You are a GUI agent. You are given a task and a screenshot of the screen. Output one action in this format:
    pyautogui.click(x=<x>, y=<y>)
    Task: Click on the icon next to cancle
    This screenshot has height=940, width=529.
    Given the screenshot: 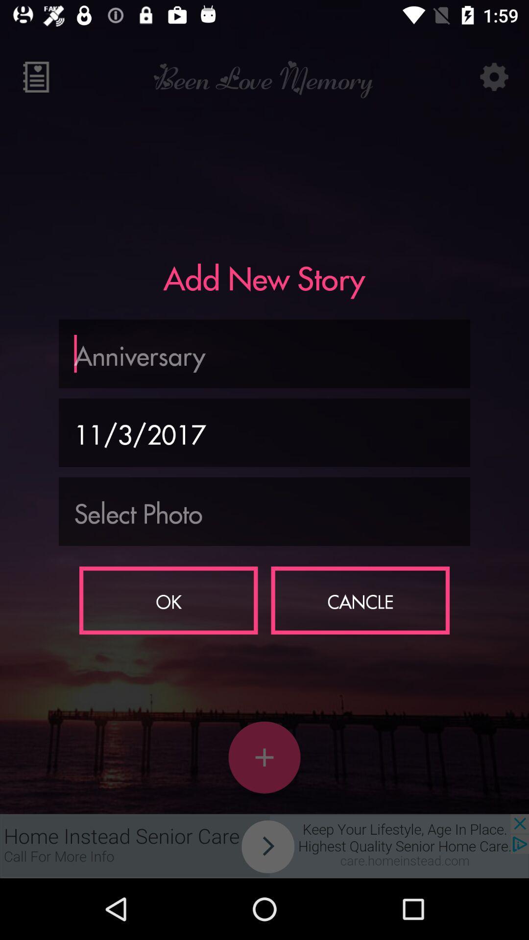 What is the action you would take?
    pyautogui.click(x=168, y=600)
    